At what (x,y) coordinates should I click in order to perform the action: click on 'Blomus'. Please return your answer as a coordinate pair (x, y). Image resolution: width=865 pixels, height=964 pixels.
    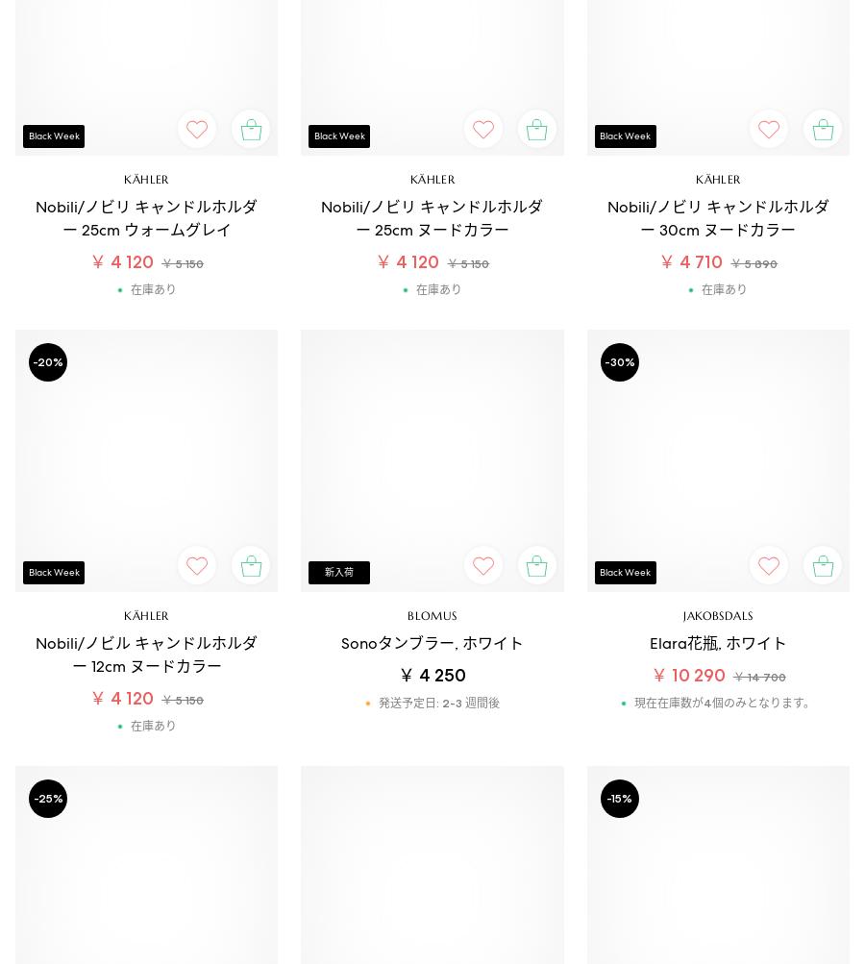
    Looking at the image, I should click on (432, 615).